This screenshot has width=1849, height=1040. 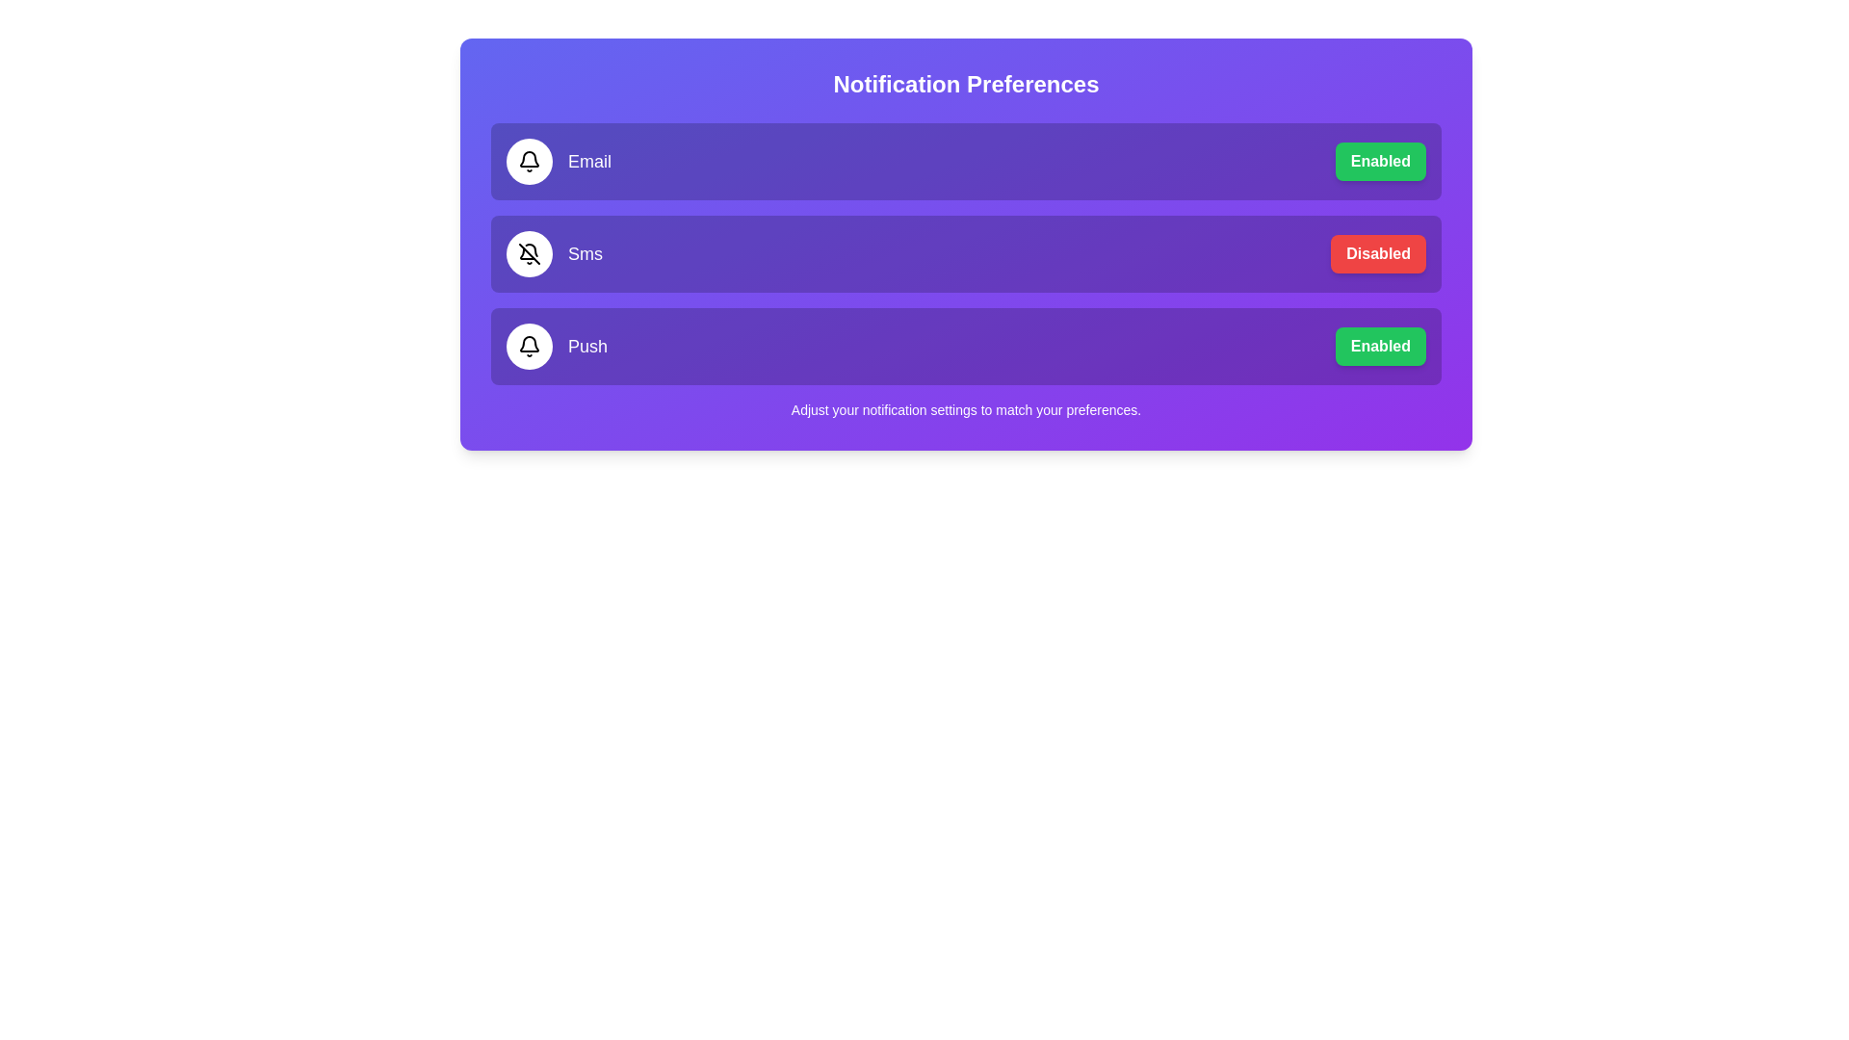 I want to click on the informational text at the bottom of the NotificationCenter component, so click(x=966, y=408).